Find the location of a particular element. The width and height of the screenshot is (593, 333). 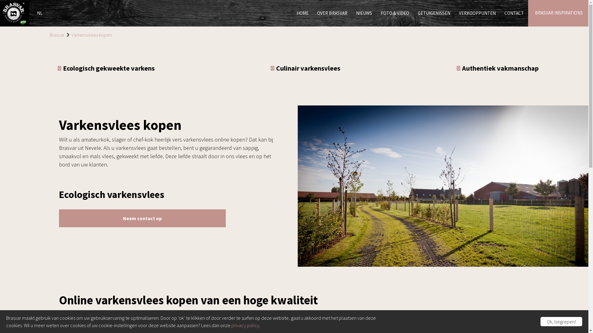

'VERKOOPPUNTEN' is located at coordinates (477, 13).